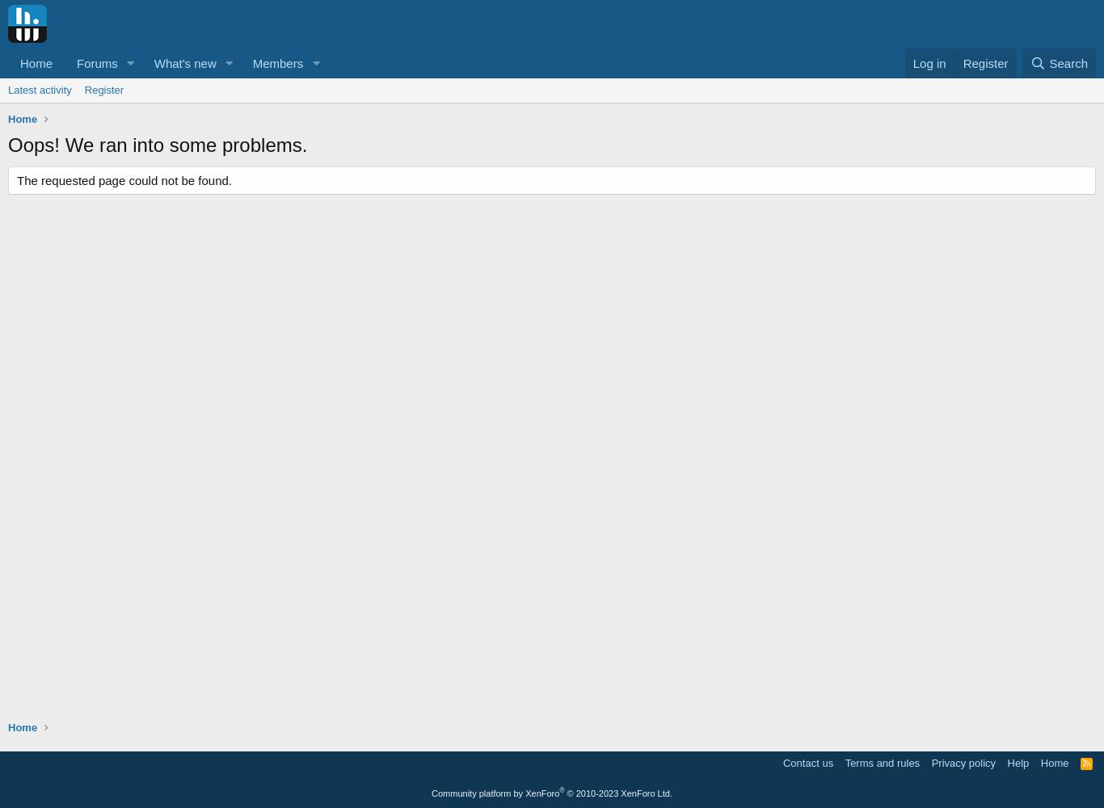 This screenshot has height=808, width=1104. Describe the element at coordinates (1007, 762) in the screenshot. I see `'Help'` at that location.